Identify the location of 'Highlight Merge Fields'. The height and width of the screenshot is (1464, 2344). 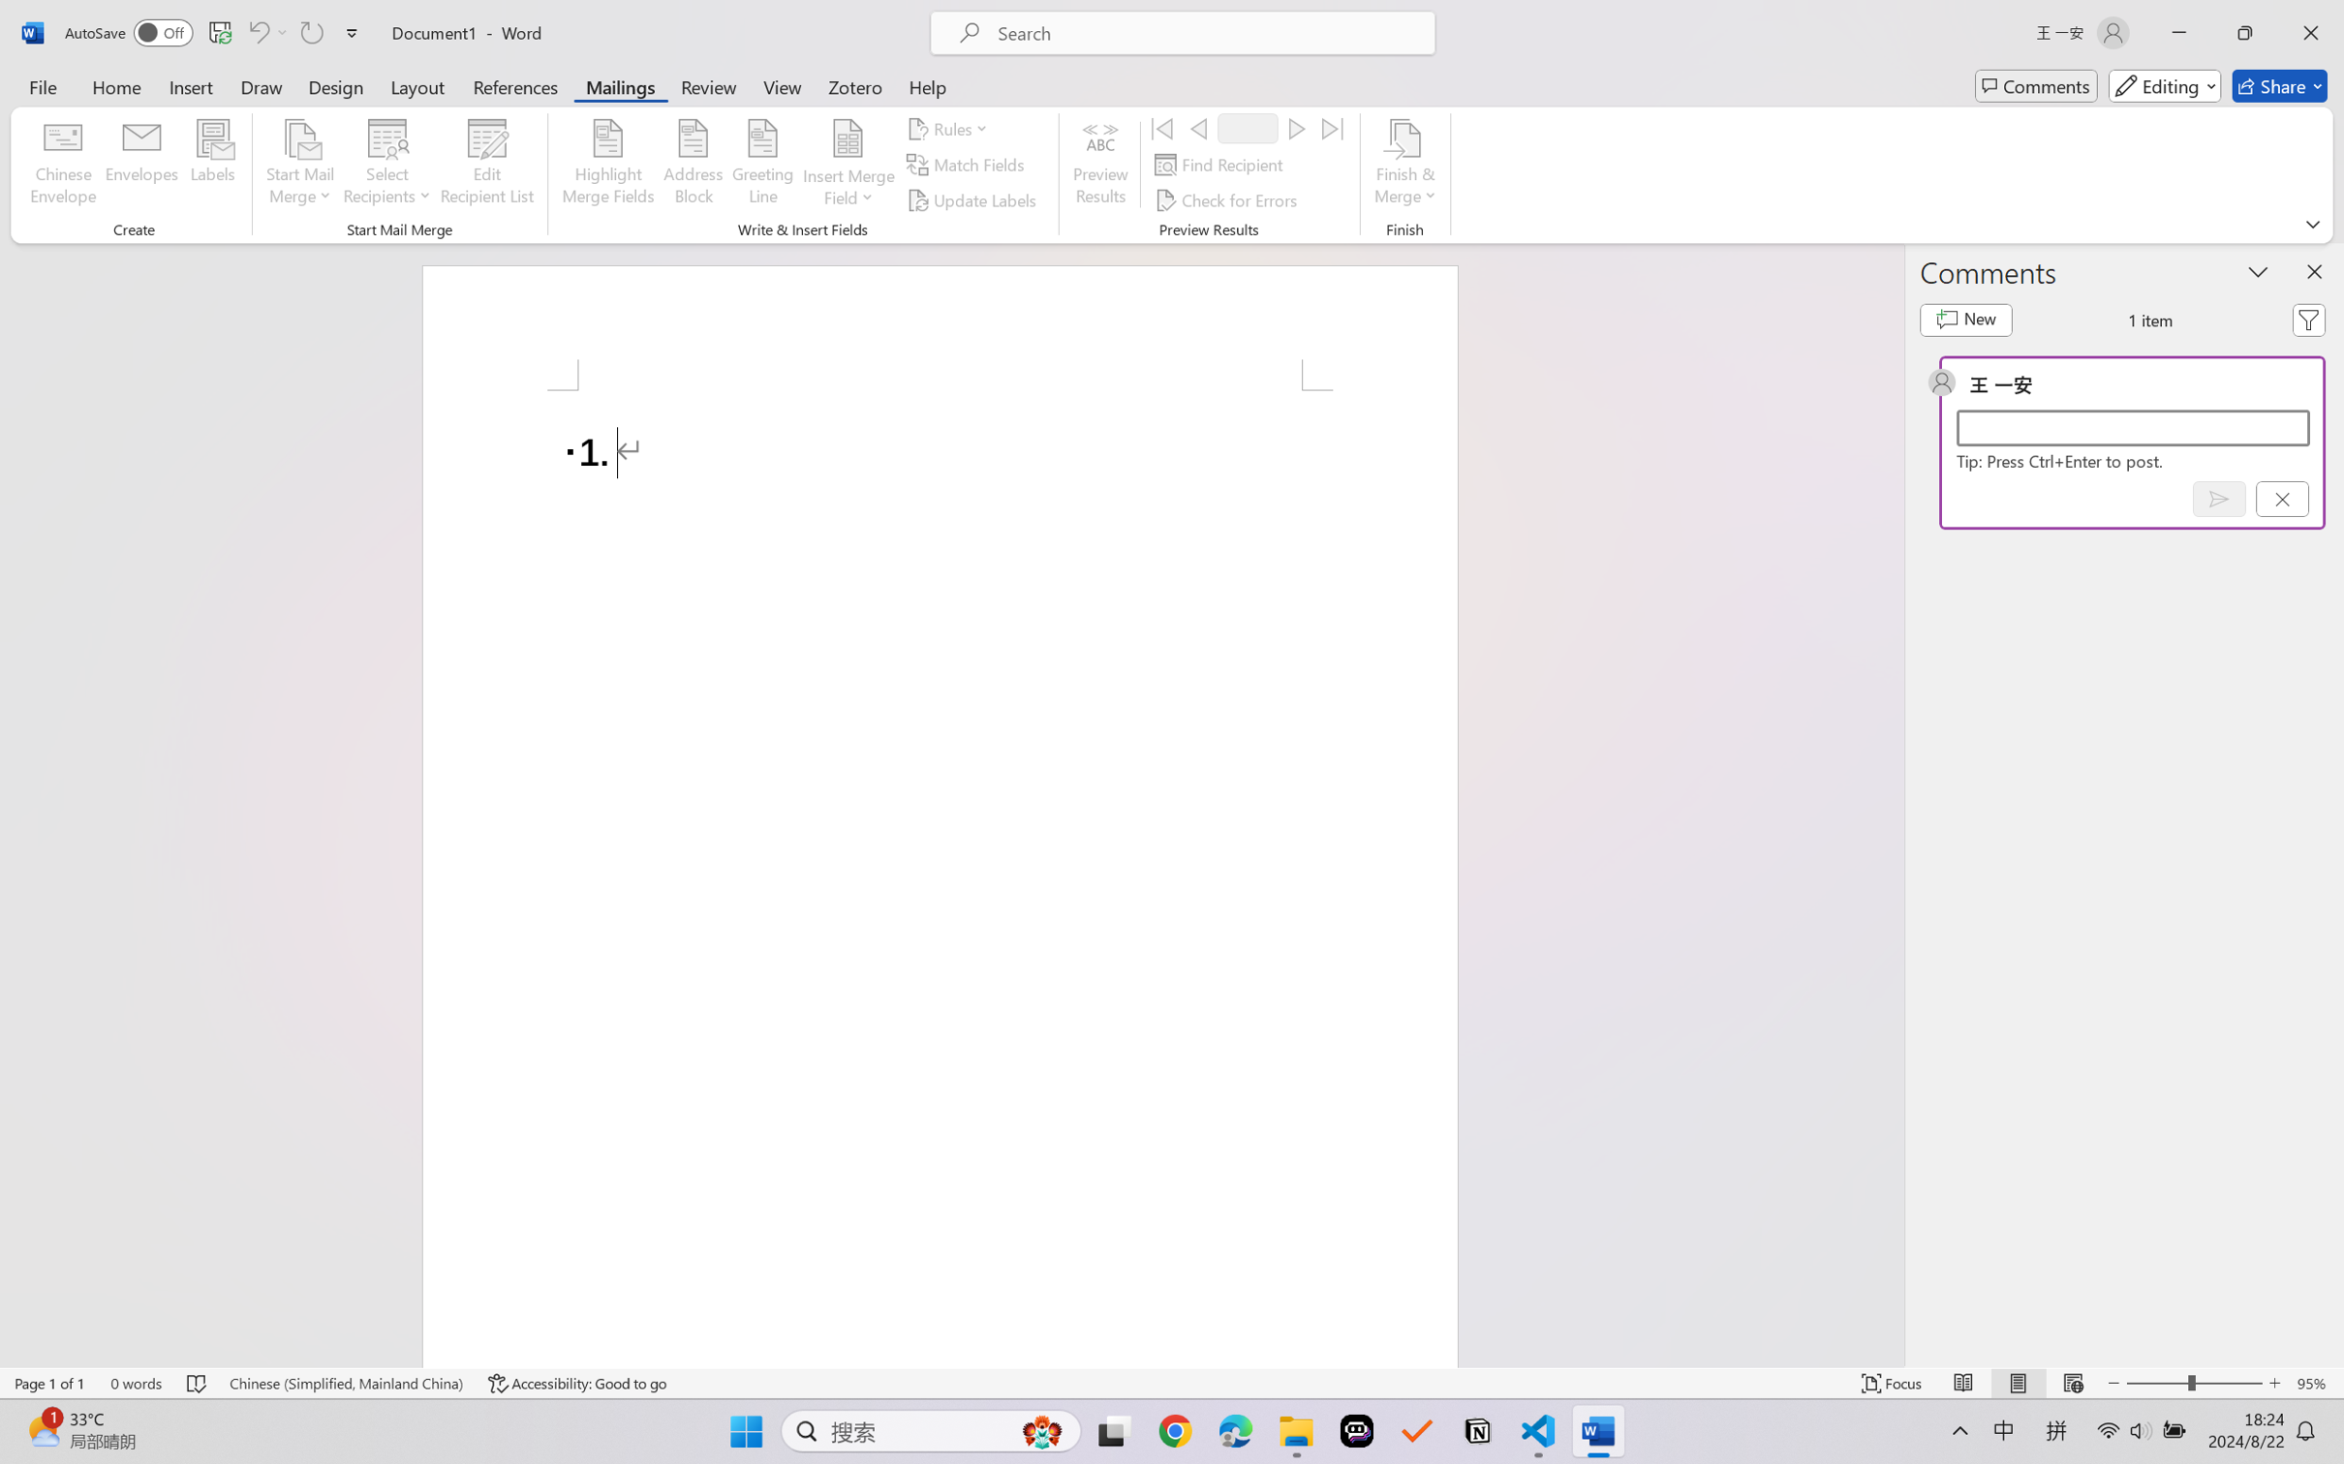
(608, 165).